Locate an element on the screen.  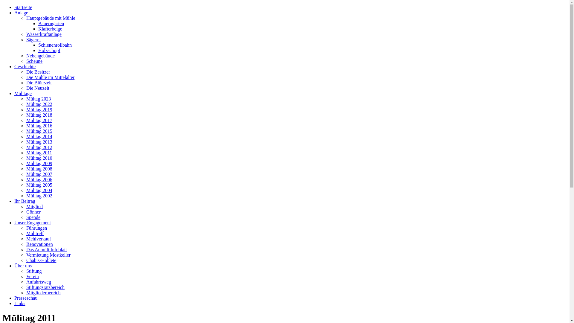
'Renovationen' is located at coordinates (39, 244).